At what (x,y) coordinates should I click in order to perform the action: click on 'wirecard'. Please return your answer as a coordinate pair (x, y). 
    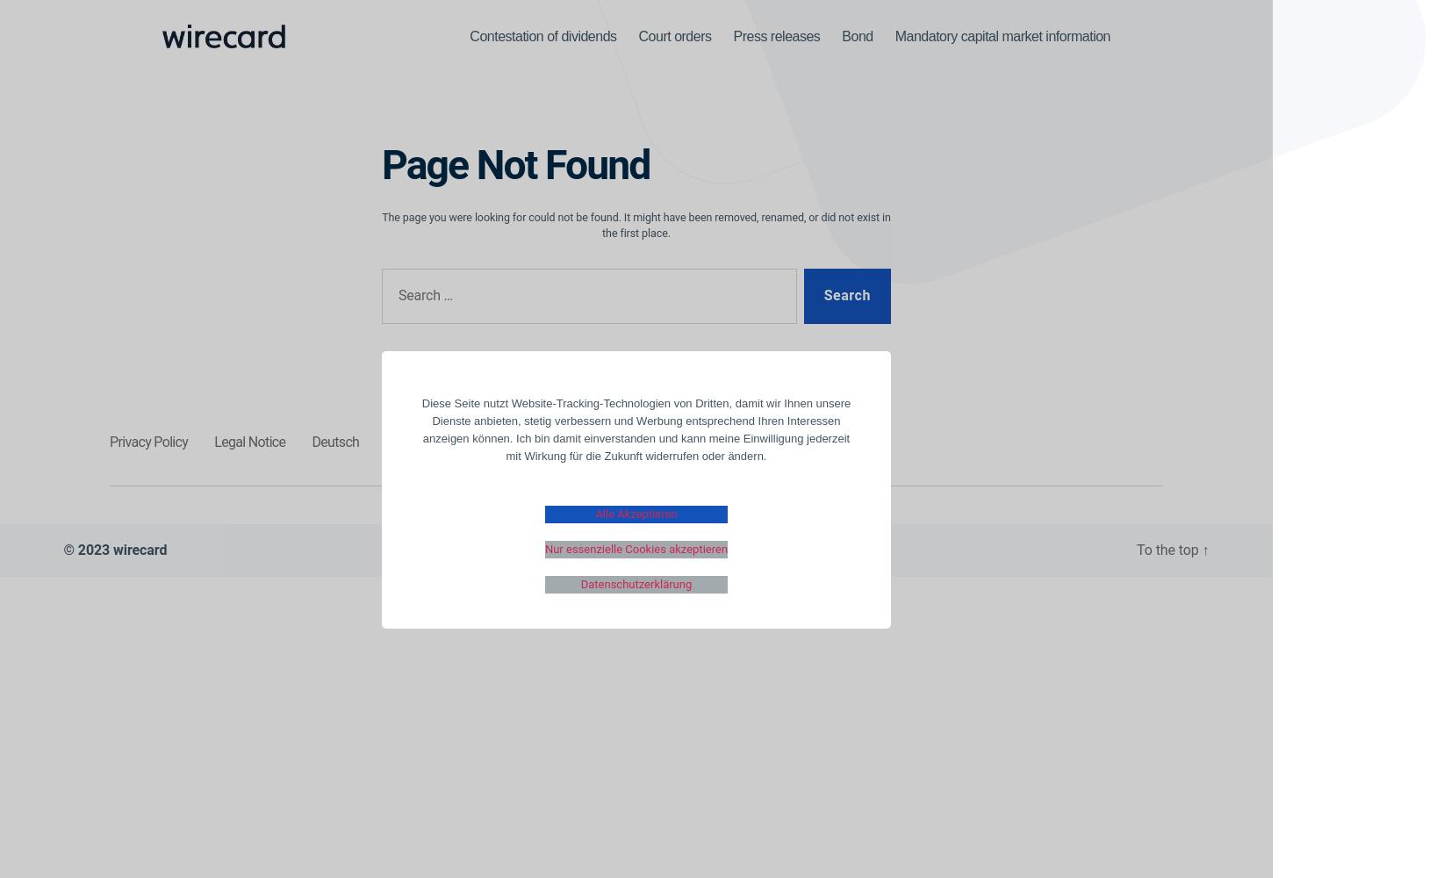
    Looking at the image, I should click on (111, 549).